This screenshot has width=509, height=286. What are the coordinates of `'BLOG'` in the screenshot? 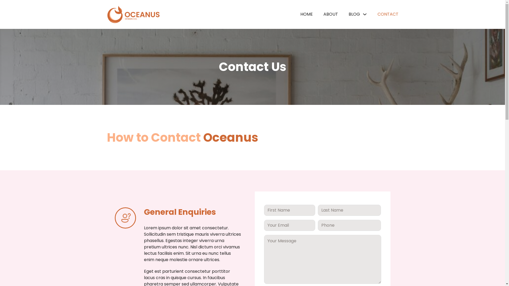 It's located at (354, 14).